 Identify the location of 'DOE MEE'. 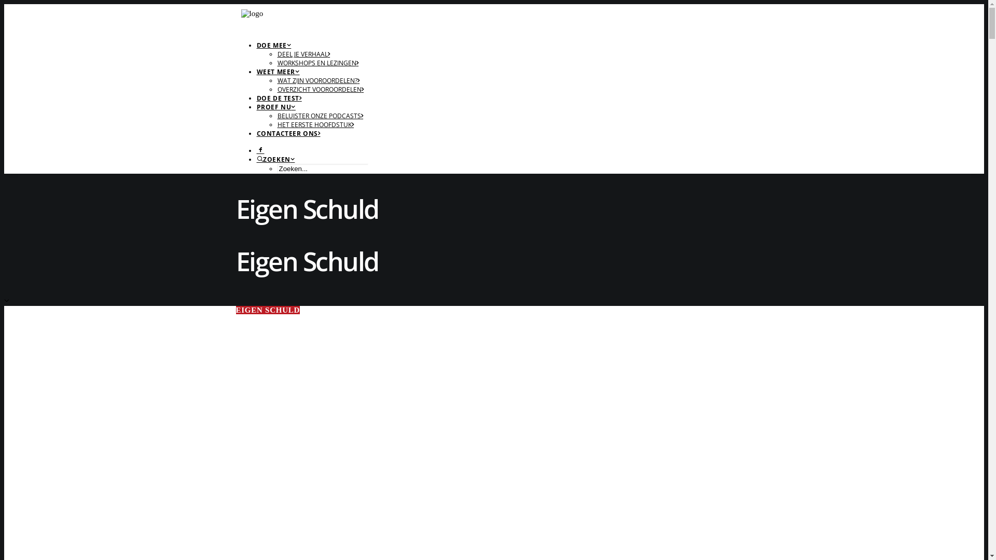
(256, 45).